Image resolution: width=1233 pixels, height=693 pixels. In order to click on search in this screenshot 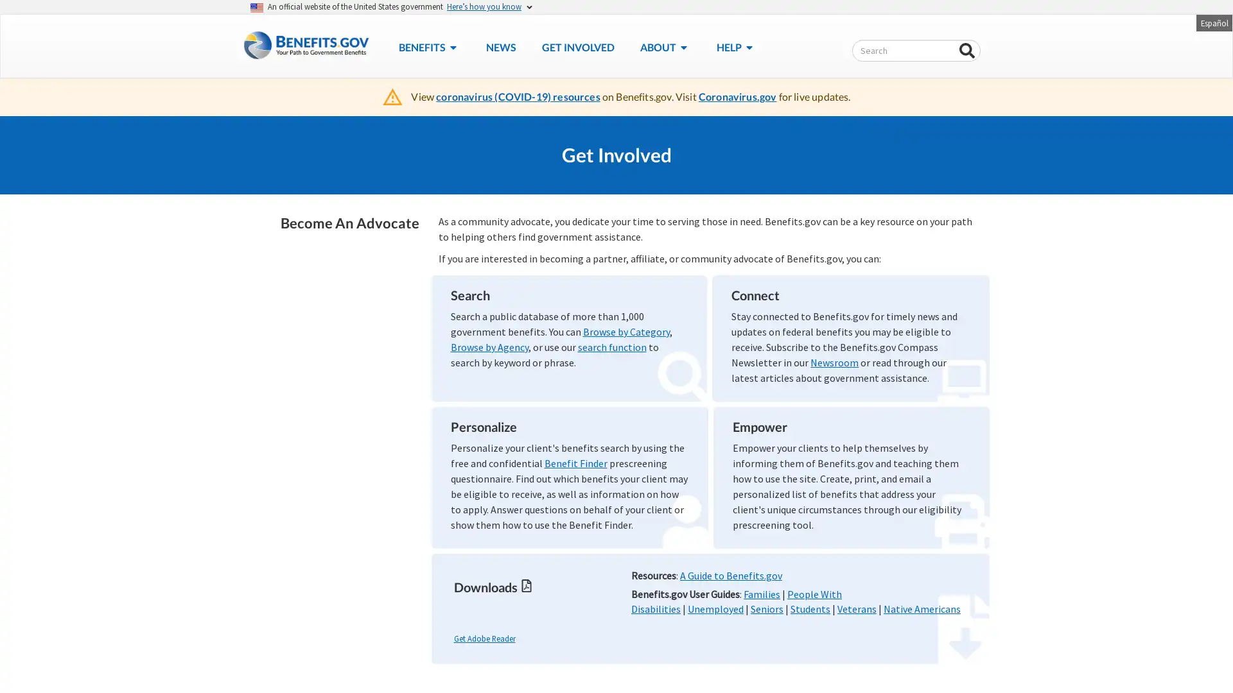, I will do `click(967, 51)`.